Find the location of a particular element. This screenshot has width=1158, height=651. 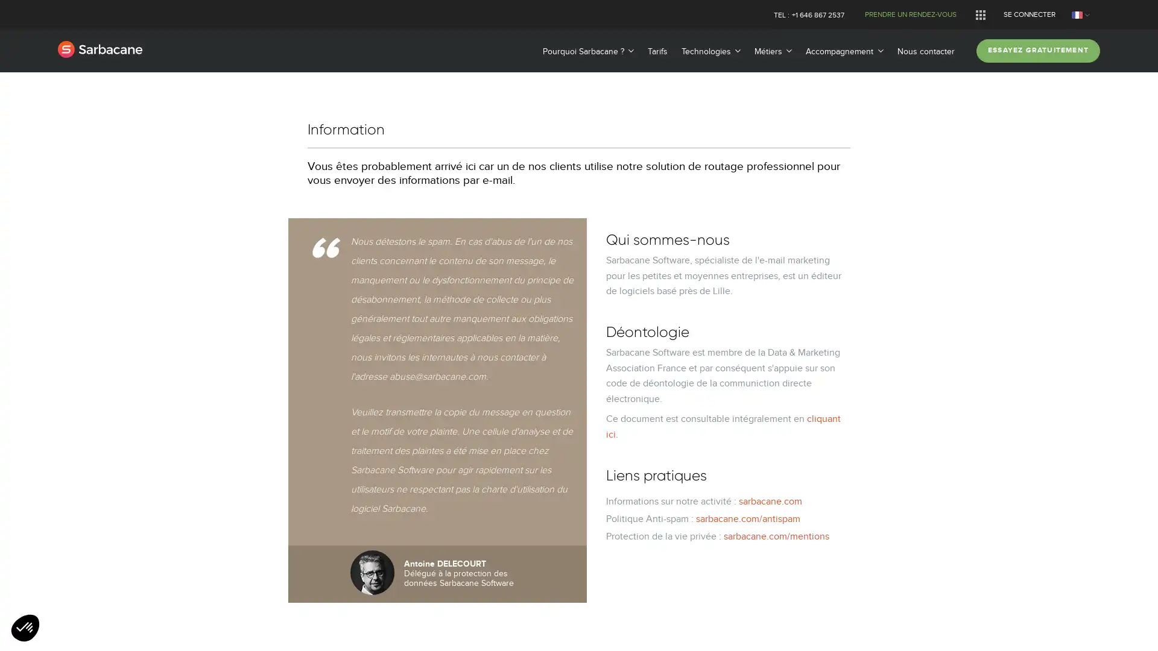

Non merci is located at coordinates (482, 407).